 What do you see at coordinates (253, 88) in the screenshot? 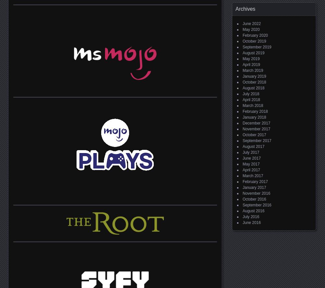
I see `'August 2018'` at bounding box center [253, 88].